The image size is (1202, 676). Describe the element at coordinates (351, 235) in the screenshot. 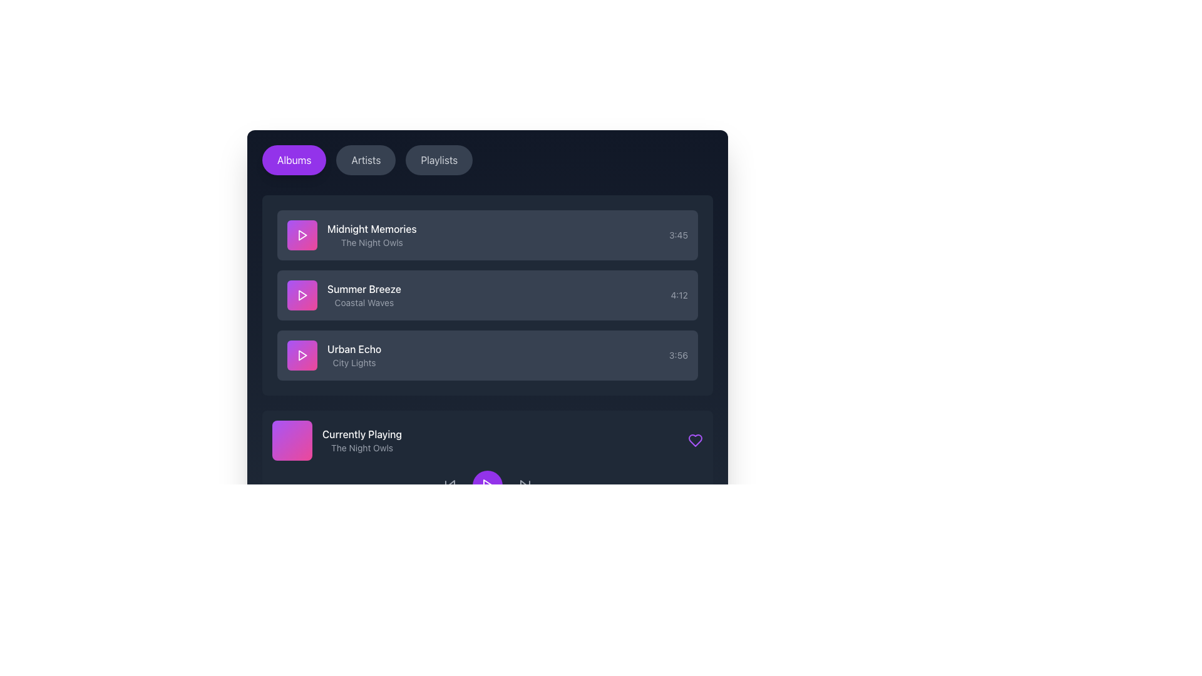

I see `text content of the music track title and artist name label, which is the first main text block in a row following the play button in the music playlist` at that location.